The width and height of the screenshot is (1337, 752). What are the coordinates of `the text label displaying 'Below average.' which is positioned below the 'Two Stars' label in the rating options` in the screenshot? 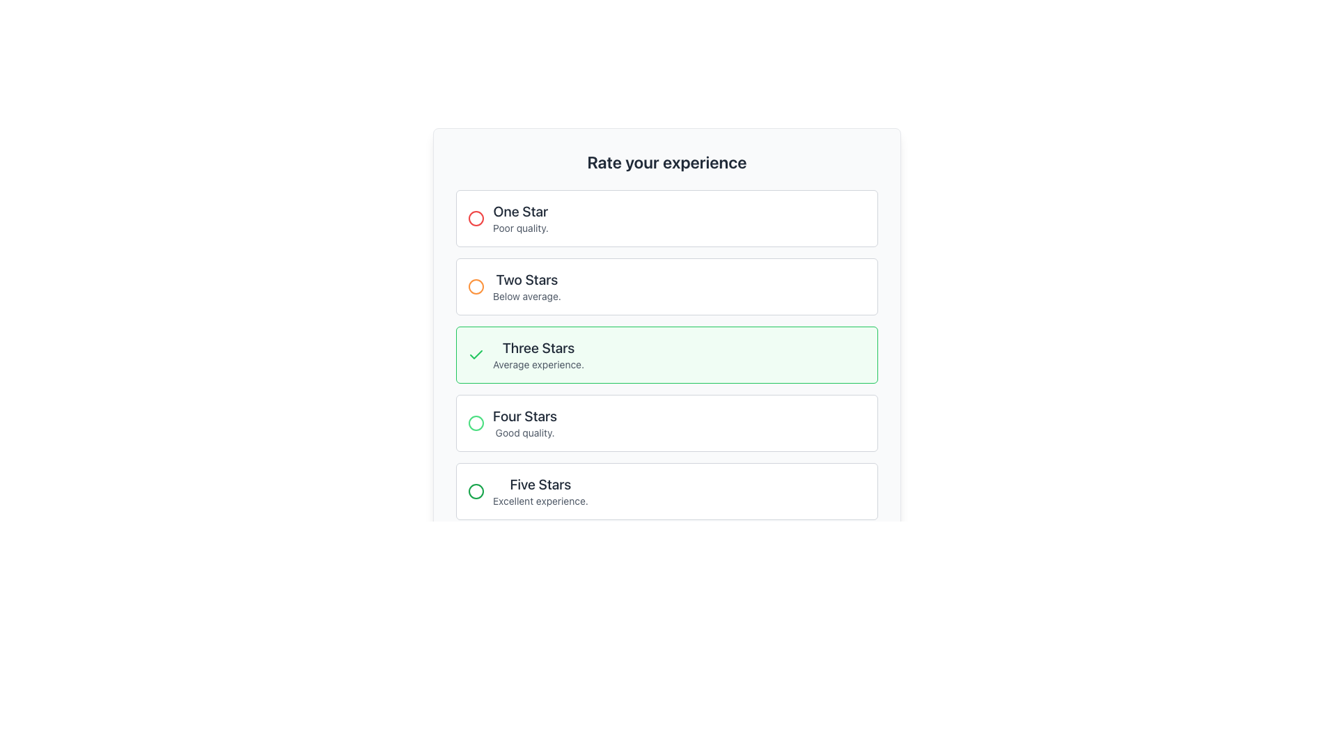 It's located at (526, 295).